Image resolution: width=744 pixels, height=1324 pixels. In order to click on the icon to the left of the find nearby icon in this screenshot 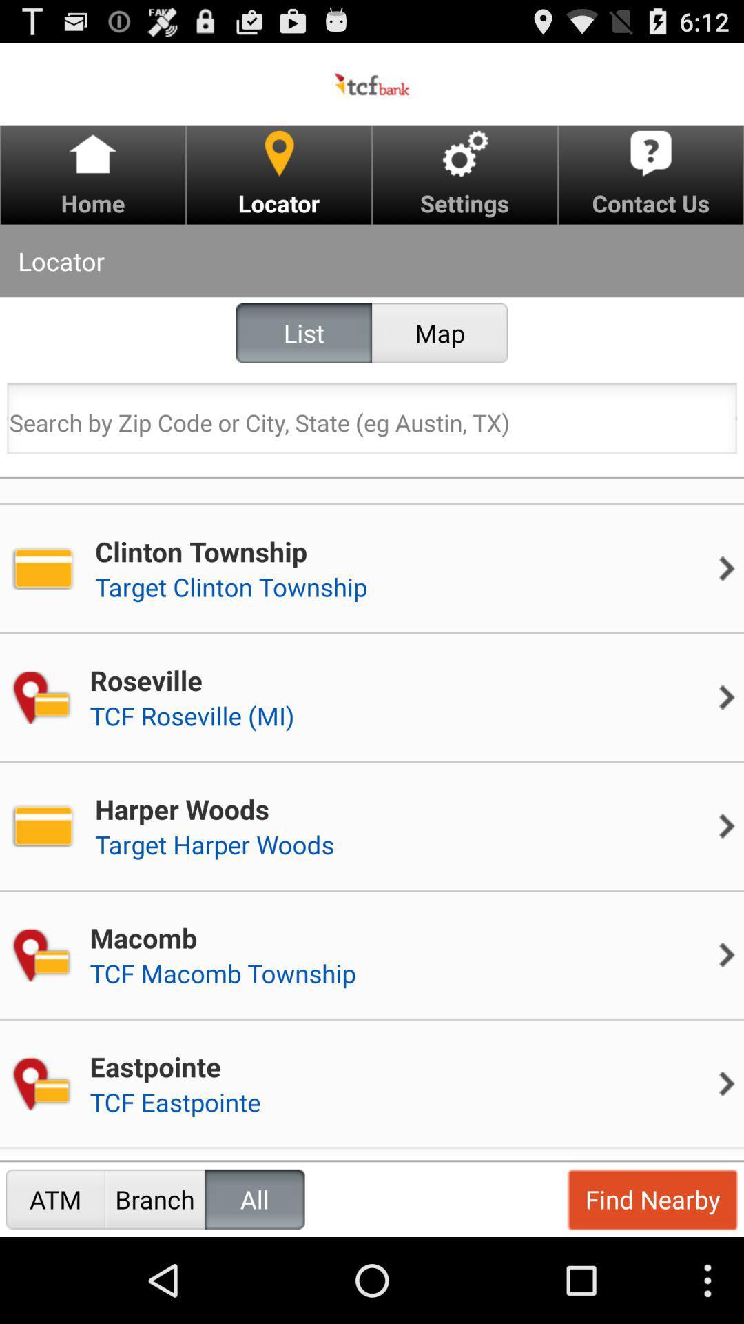, I will do `click(255, 1198)`.